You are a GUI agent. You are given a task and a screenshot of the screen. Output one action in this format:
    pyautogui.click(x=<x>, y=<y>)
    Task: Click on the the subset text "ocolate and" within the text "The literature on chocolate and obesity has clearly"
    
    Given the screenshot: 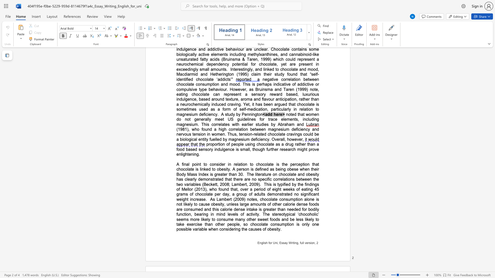 What is the action you would take?
    pyautogui.click(x=283, y=174)
    